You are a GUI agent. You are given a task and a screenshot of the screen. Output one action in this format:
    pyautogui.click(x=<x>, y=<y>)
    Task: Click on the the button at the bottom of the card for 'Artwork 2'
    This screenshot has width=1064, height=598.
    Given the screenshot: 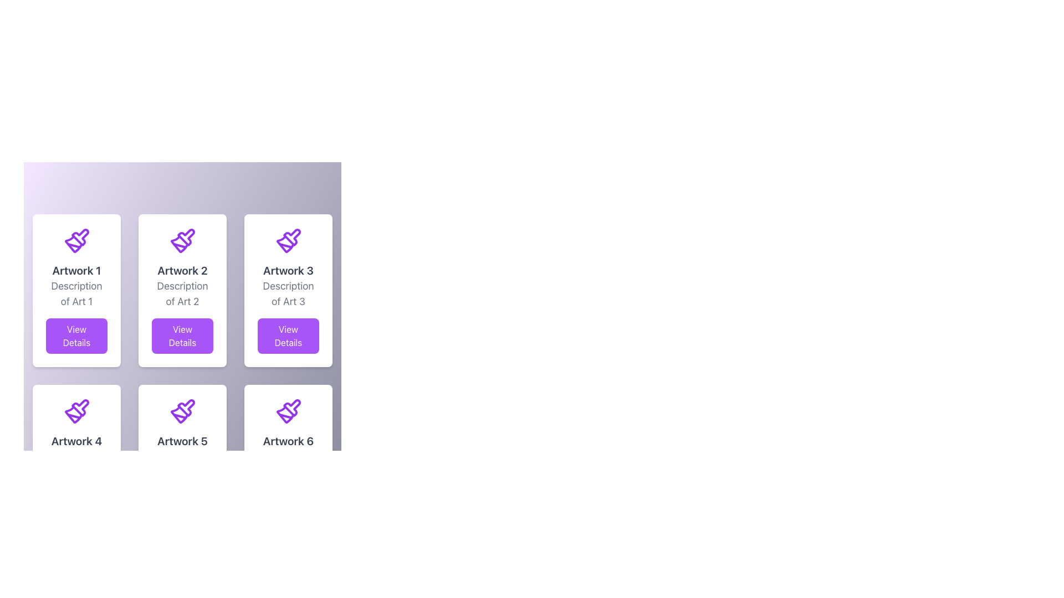 What is the action you would take?
    pyautogui.click(x=182, y=335)
    